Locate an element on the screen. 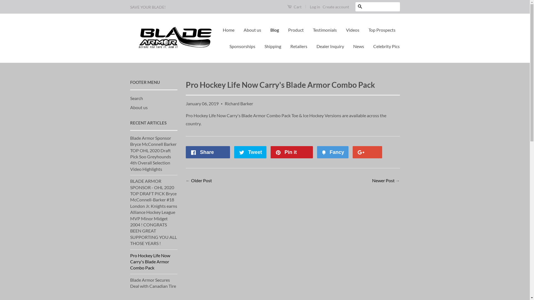 The image size is (534, 300). 'Search' is located at coordinates (136, 98).